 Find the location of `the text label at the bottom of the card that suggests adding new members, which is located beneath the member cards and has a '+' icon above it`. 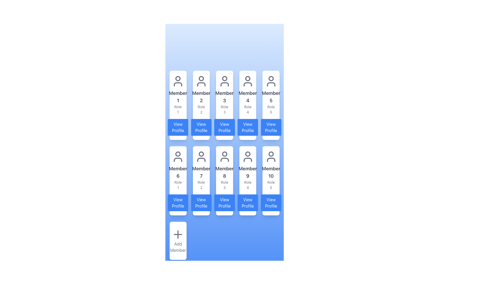

the text label at the bottom of the card that suggests adding new members, which is located beneath the member cards and has a '+' icon above it is located at coordinates (178, 247).